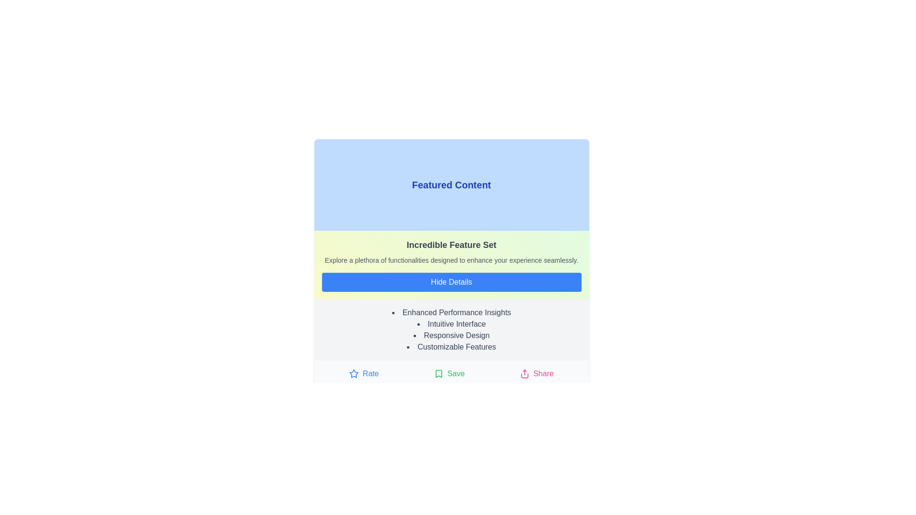 This screenshot has height=515, width=916. What do you see at coordinates (451, 244) in the screenshot?
I see `the prominent heading or title text that summarizes the content within the section, located above the descriptive text and below the header labeled 'Featured Content'` at bounding box center [451, 244].